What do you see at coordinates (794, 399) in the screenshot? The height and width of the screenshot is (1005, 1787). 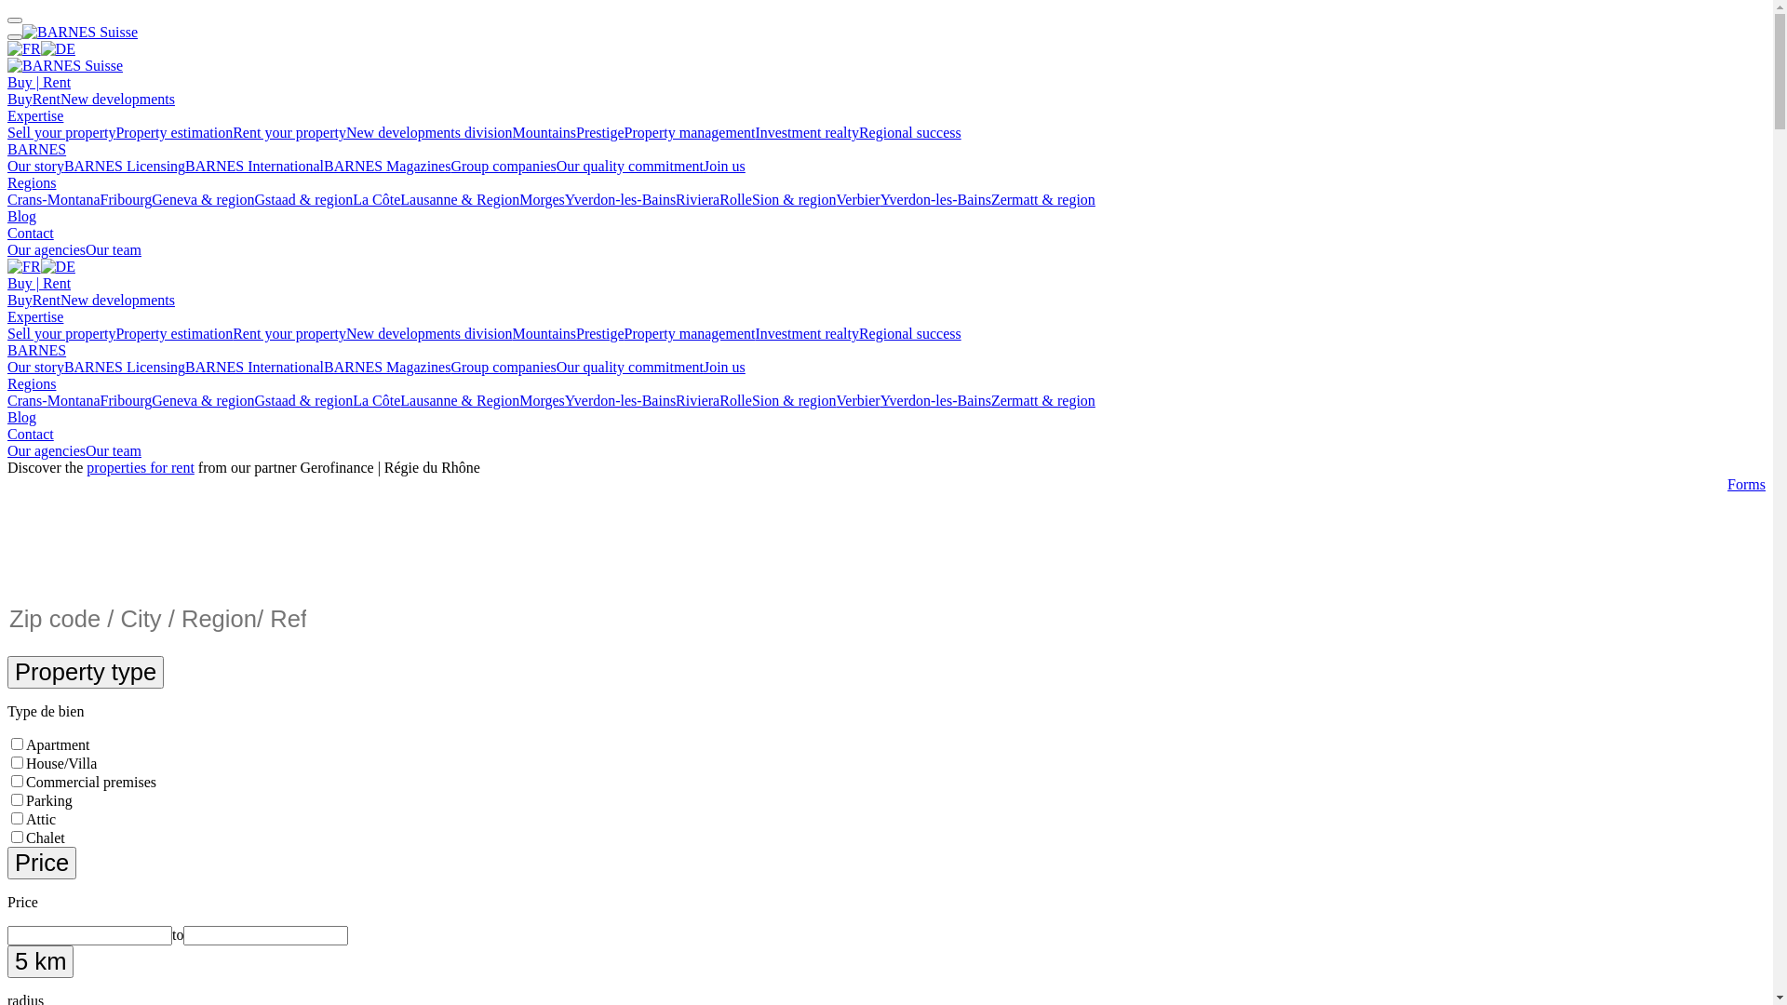 I see `'Sion & region'` at bounding box center [794, 399].